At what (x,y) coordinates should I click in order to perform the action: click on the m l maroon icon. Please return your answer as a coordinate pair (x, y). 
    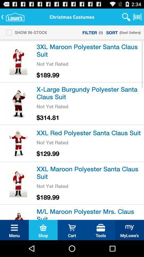
    Looking at the image, I should click on (89, 213).